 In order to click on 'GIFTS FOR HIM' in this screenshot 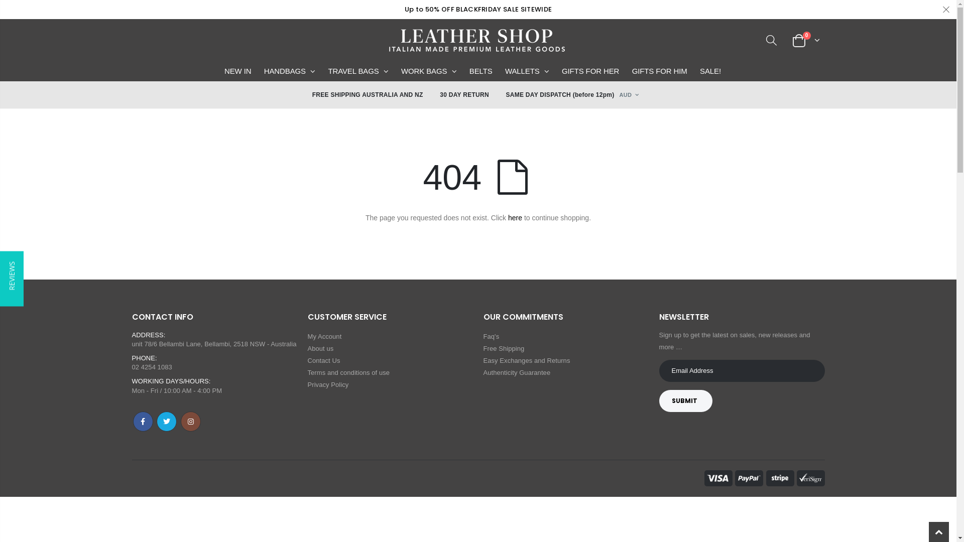, I will do `click(665, 68)`.